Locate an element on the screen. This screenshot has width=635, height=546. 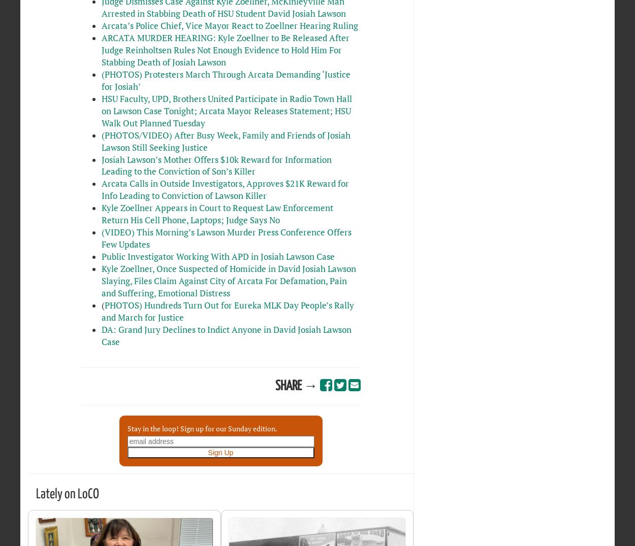
'Stay in the loop! Sign up for our Sunday edition.' is located at coordinates (202, 427).